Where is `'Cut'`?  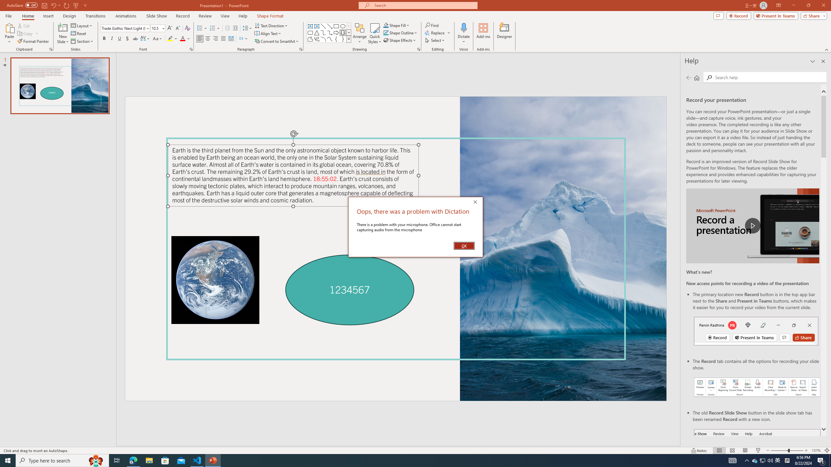 'Cut' is located at coordinates (24, 25).